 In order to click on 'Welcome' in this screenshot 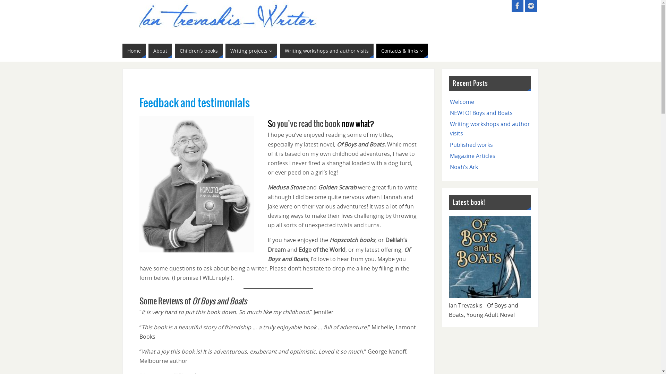, I will do `click(462, 101)`.